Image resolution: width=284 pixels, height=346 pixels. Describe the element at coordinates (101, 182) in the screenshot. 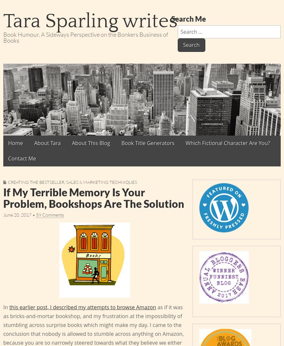

I see `'Sales & Marketing Techniques'` at that location.